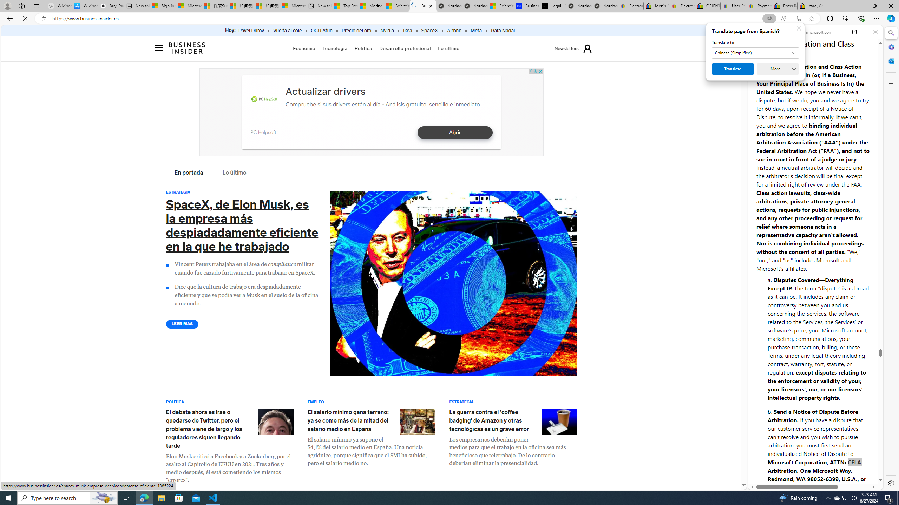 Image resolution: width=899 pixels, height=505 pixels. I want to click on 'Pavel Durov', so click(251, 31).